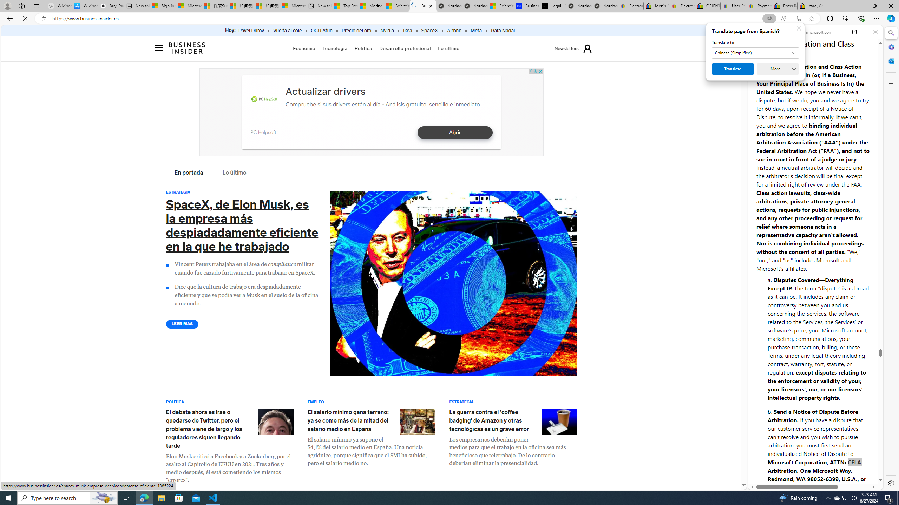 Image resolution: width=899 pixels, height=505 pixels. I want to click on 'Pavel Durov', so click(251, 31).